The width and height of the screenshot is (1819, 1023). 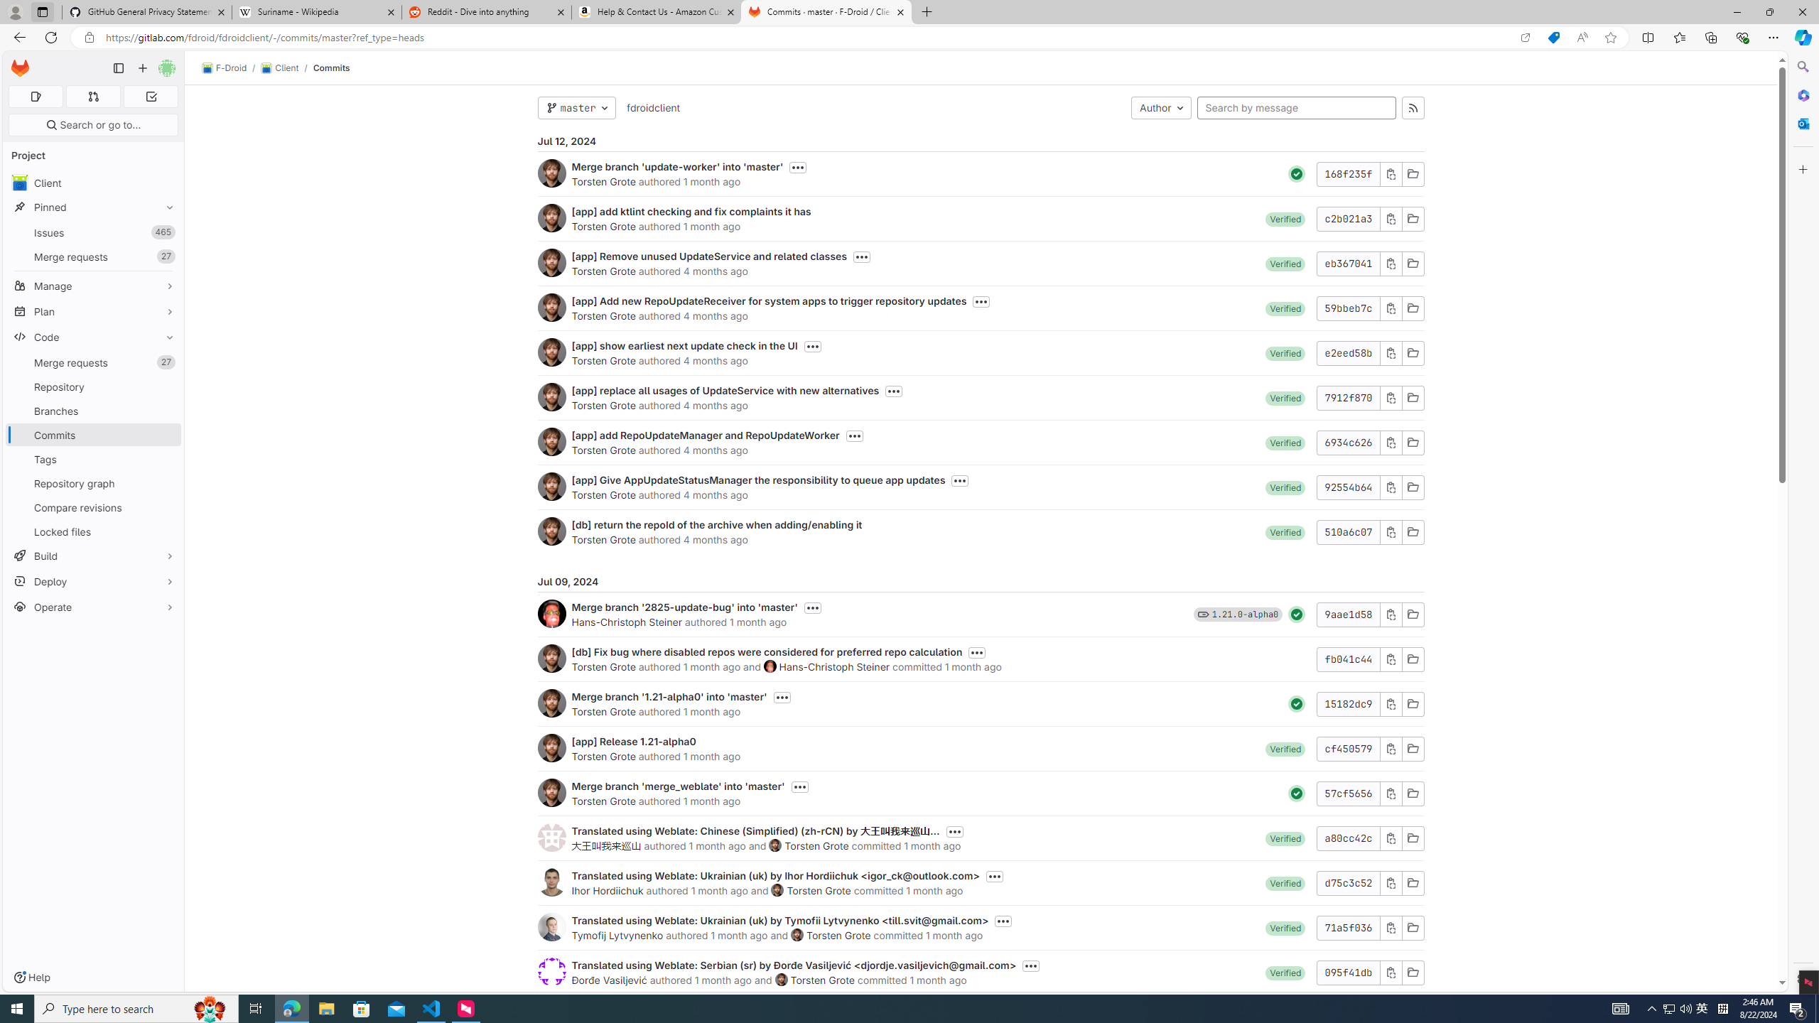 I want to click on 'Primary navigation sidebar', so click(x=118, y=67).